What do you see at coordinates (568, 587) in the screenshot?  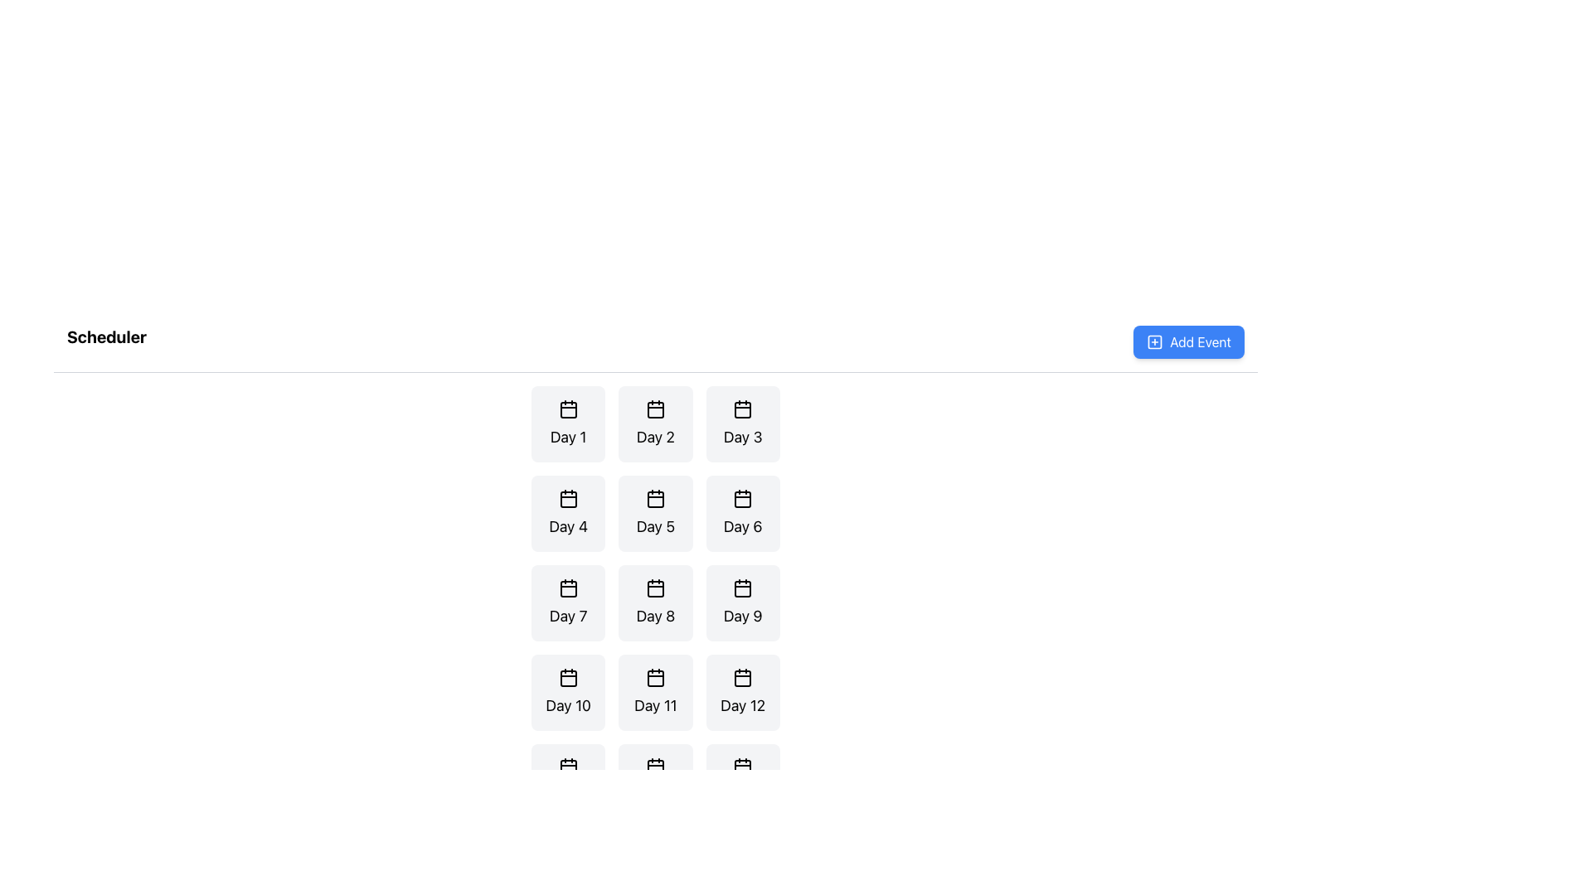 I see `the minimalist black calendar icon located at the top of the 'Day 7' card to interact with it` at bounding box center [568, 587].